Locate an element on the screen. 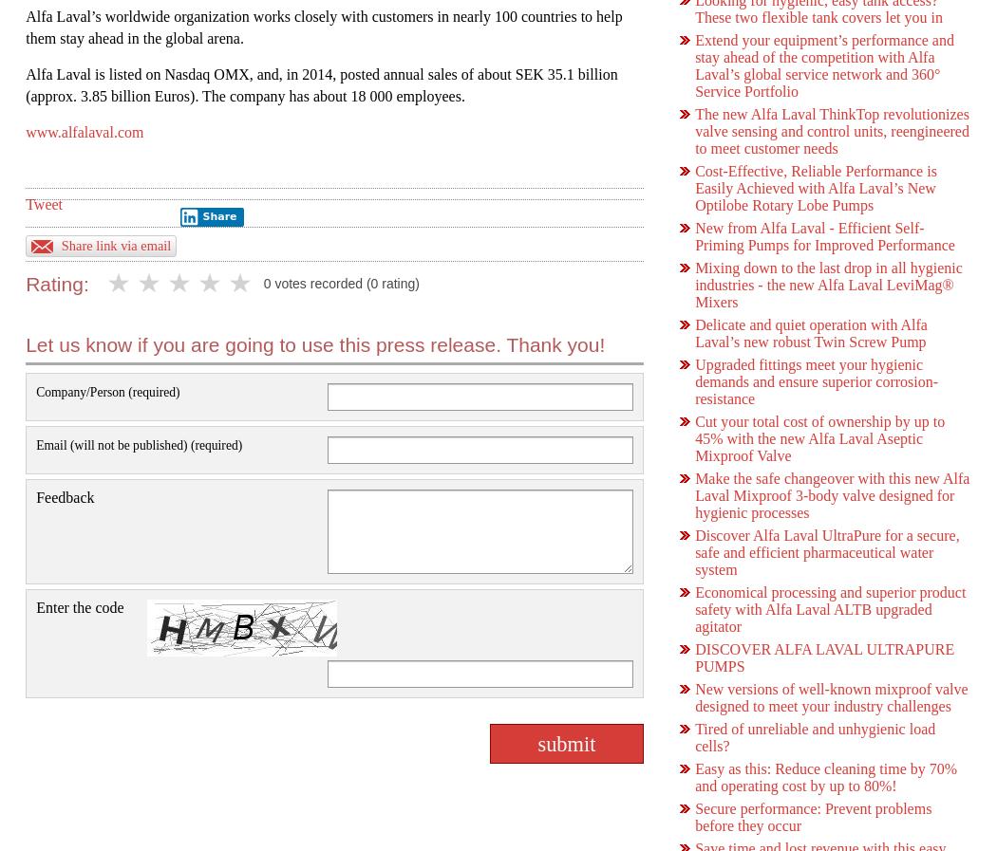  'Enter the code' is located at coordinates (80, 606).